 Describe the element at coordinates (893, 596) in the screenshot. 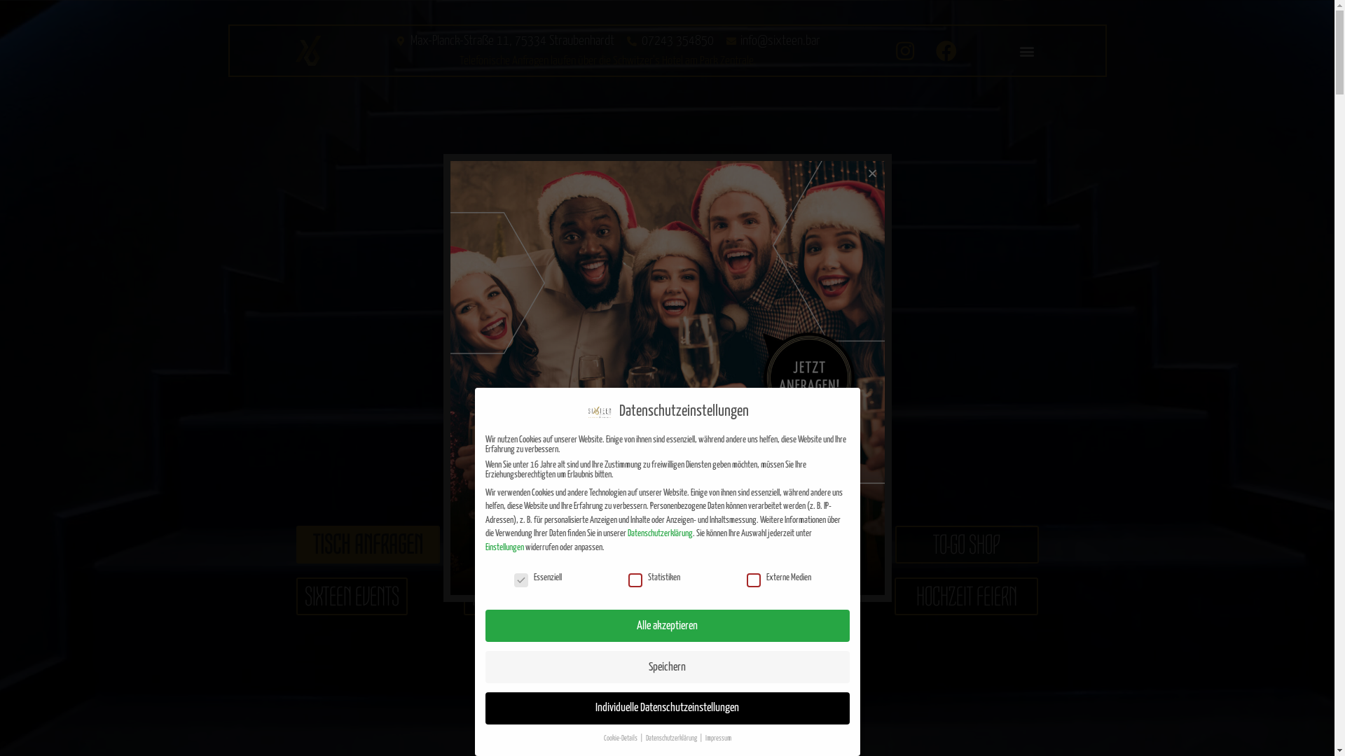

I see `'HOCHZEIT FEIERN'` at that location.